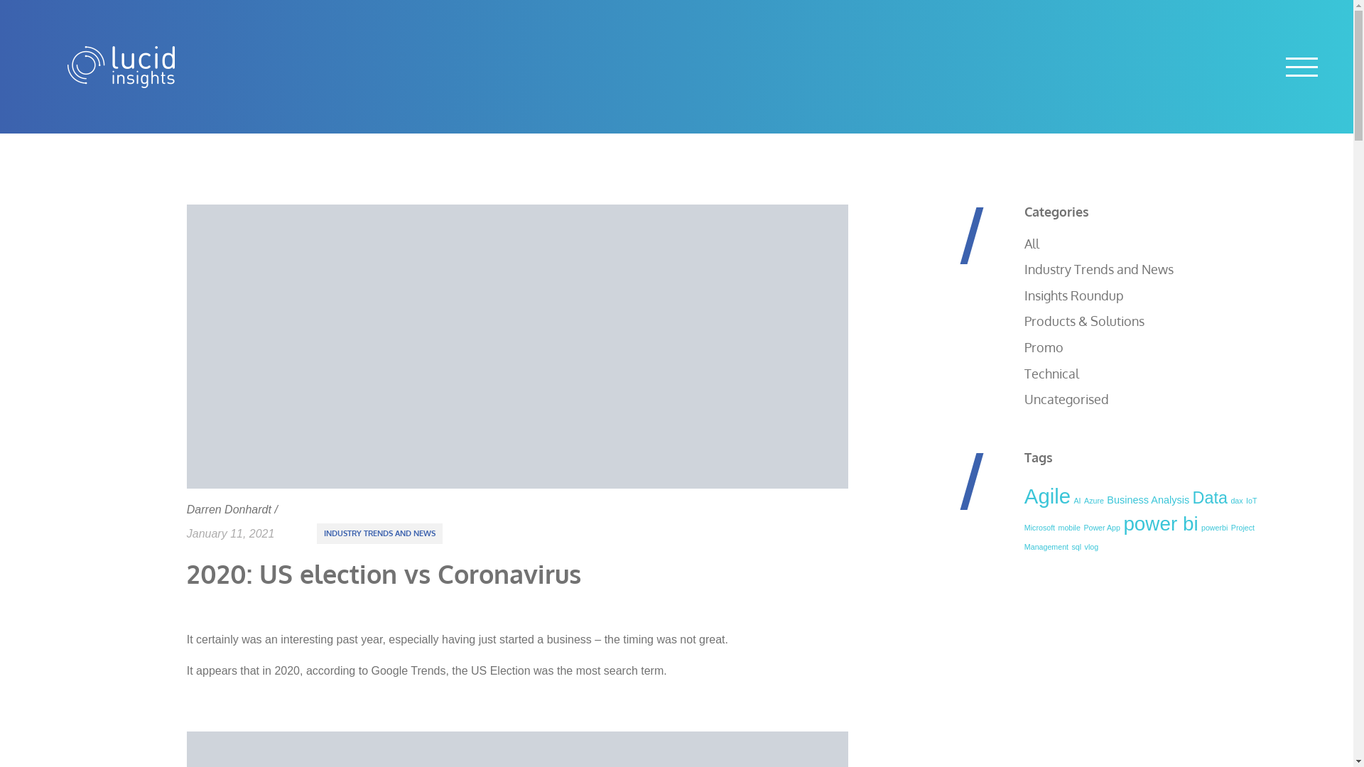 This screenshot has height=767, width=1364. Describe the element at coordinates (1024, 268) in the screenshot. I see `'Industry Trends and News'` at that location.